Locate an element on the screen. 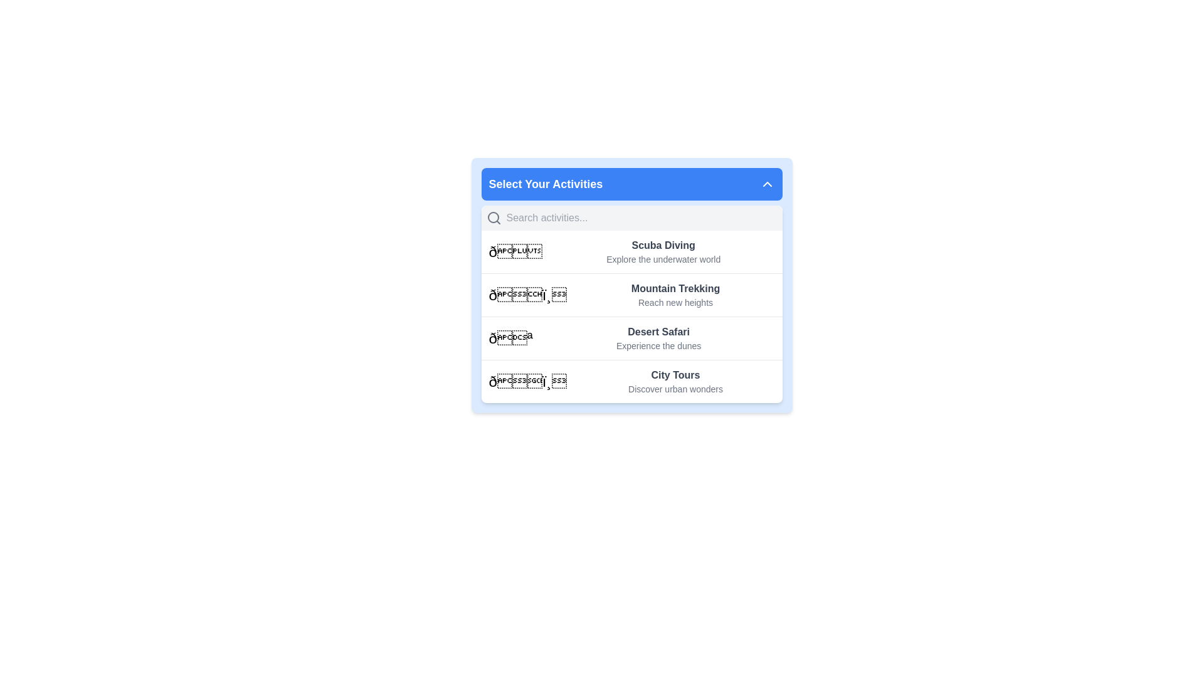 Image resolution: width=1204 pixels, height=677 pixels. the chevron toggle icon located at the top-right corner of the 'Select Your Activities' header section is located at coordinates (766, 184).